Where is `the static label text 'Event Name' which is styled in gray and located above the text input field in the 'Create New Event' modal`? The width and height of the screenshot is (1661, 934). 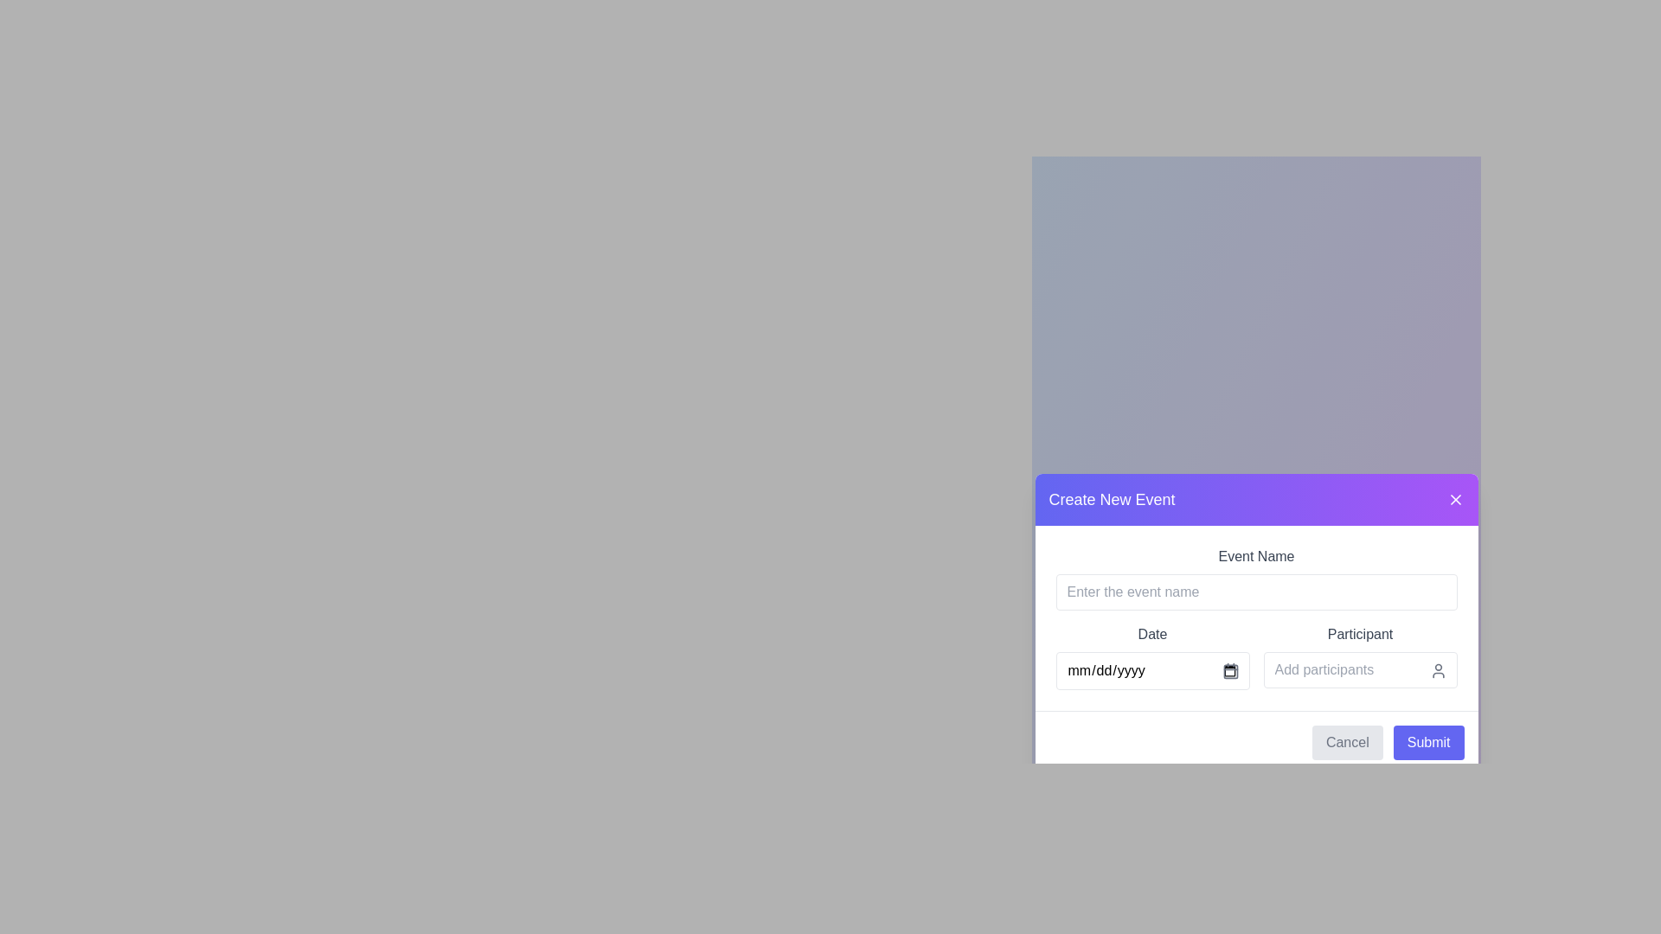
the static label text 'Event Name' which is styled in gray and located above the text input field in the 'Create New Event' modal is located at coordinates (1256, 556).